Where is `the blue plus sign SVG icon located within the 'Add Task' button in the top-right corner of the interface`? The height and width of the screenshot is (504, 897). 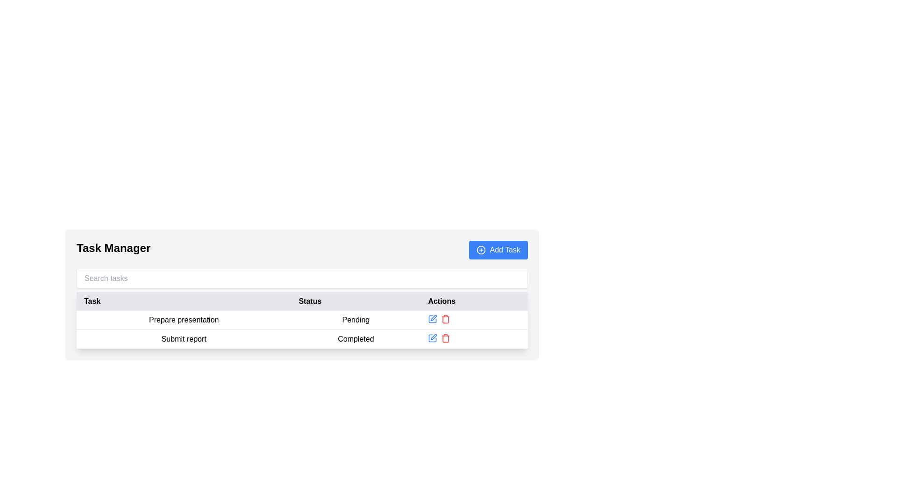 the blue plus sign SVG icon located within the 'Add Task' button in the top-right corner of the interface is located at coordinates (481, 250).